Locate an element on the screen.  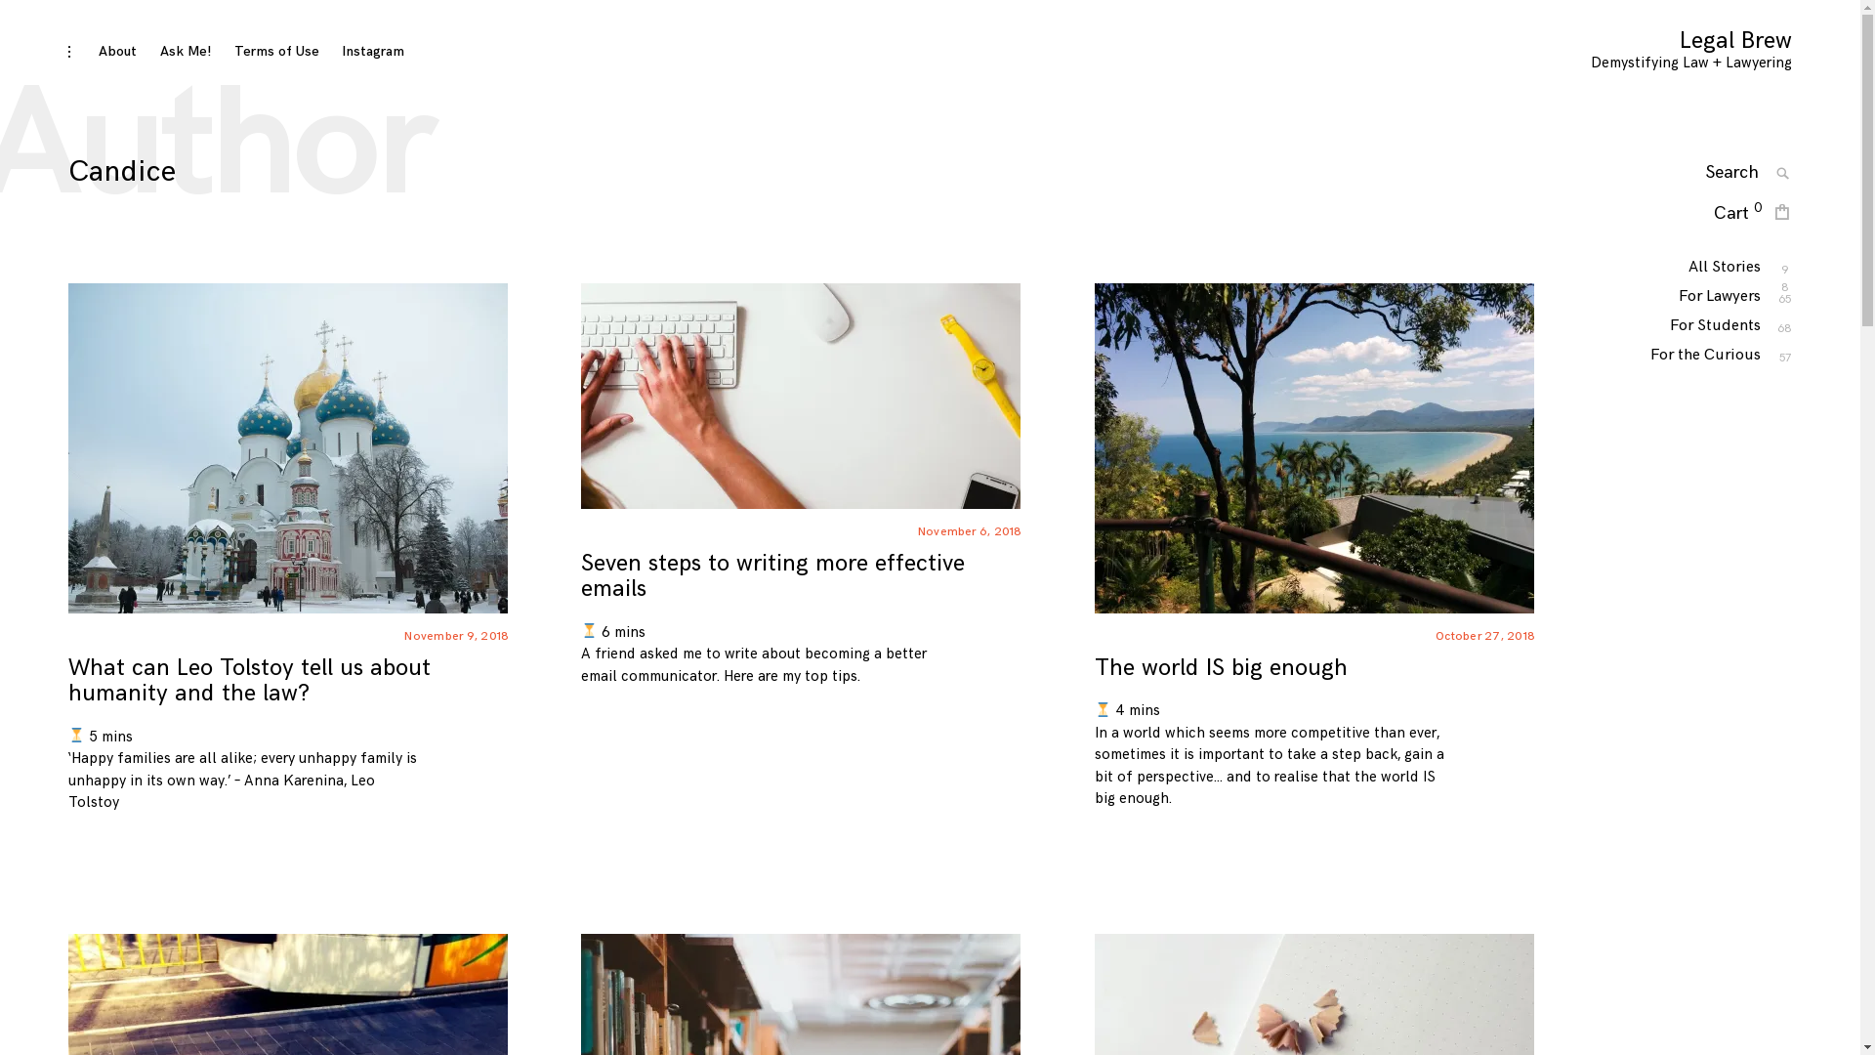
'November 9, 2018' is located at coordinates (402, 636).